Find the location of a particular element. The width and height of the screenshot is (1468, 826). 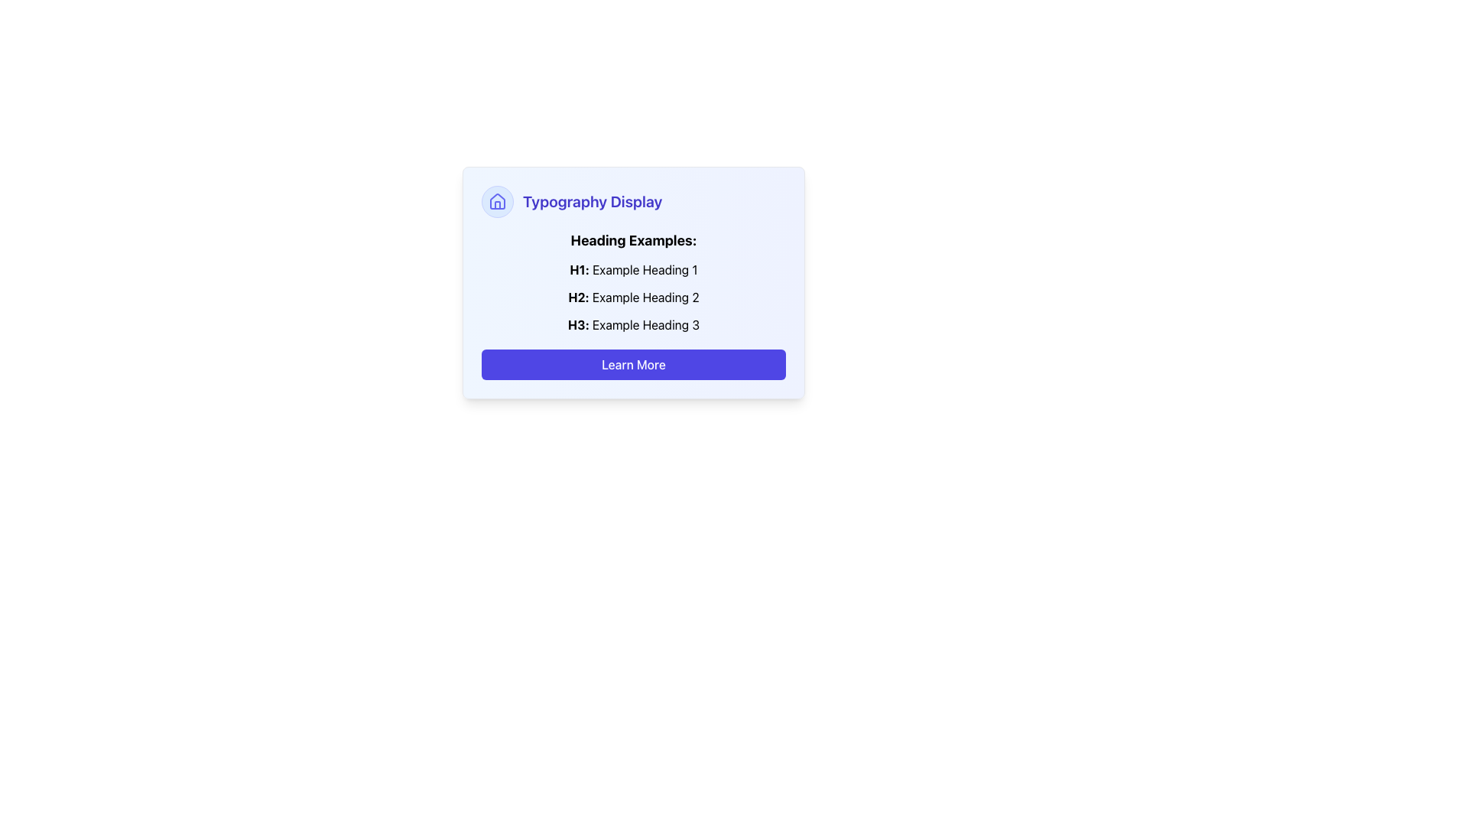

text element indicating the format and style for an 'H2' heading, located below 'H1: Example Heading 1' and above 'H3: Example Heading 3' is located at coordinates (634, 298).